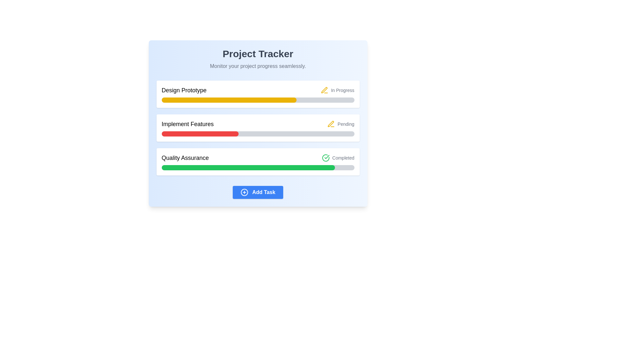  What do you see at coordinates (331, 124) in the screenshot?
I see `the 'Pending' status icon (SVG) located to the left of the 'Pending' label in the second row of the status indicator list` at bounding box center [331, 124].